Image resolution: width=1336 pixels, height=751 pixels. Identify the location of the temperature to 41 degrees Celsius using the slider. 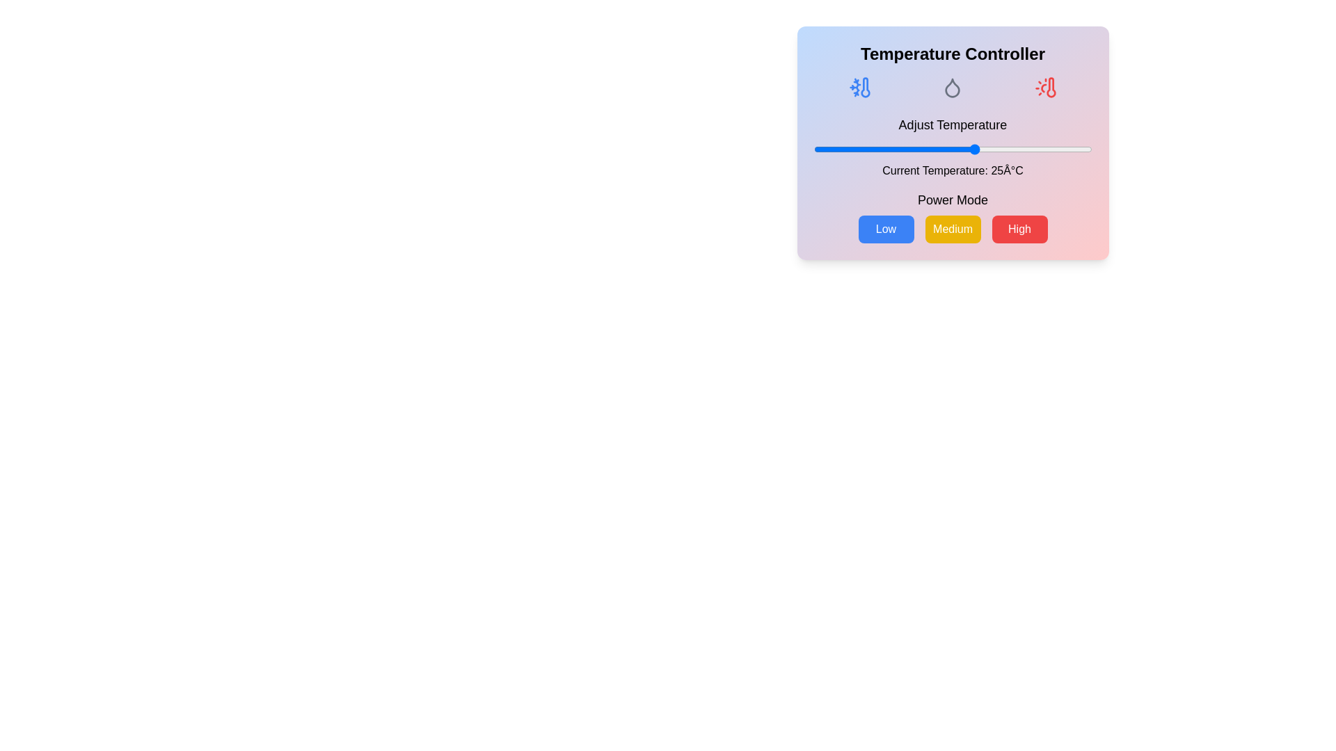
(1050, 150).